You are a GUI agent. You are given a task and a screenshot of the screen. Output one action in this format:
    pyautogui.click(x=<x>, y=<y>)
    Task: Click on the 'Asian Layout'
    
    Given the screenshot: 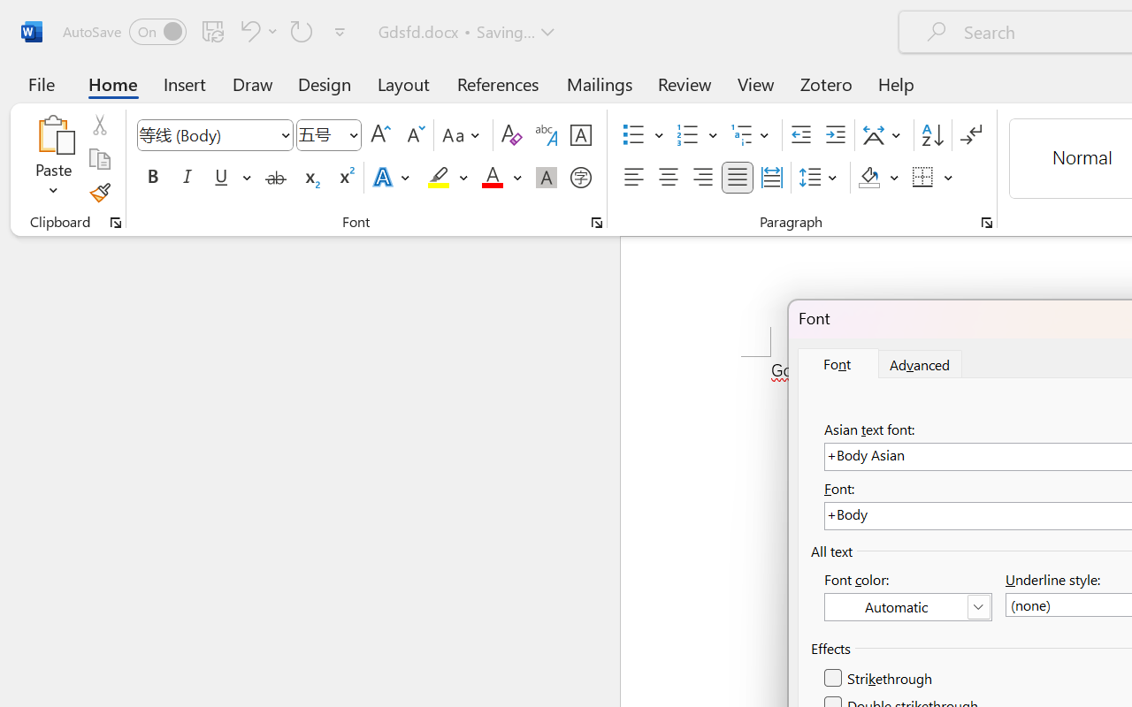 What is the action you would take?
    pyautogui.click(x=884, y=135)
    